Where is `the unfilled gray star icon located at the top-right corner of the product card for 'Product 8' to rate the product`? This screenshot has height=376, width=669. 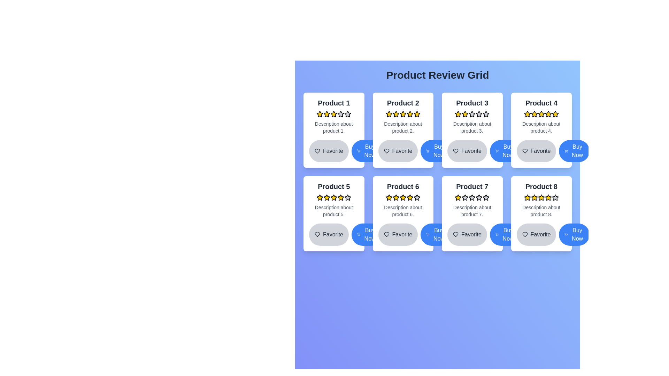
the unfilled gray star icon located at the top-right corner of the product card for 'Product 8' to rate the product is located at coordinates (555, 197).